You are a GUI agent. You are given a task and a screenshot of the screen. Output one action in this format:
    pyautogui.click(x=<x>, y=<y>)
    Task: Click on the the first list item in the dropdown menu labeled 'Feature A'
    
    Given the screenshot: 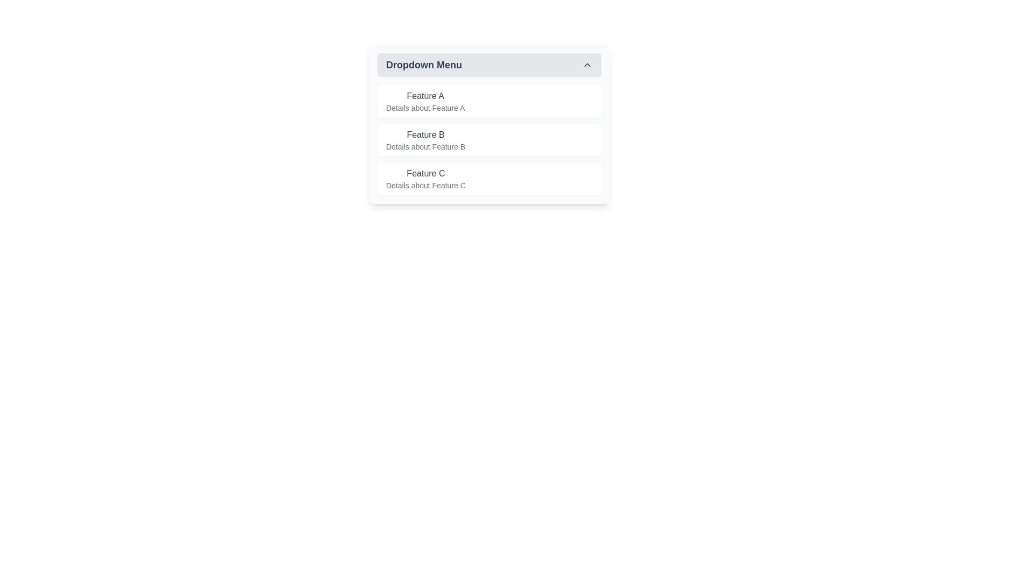 What is the action you would take?
    pyautogui.click(x=425, y=102)
    